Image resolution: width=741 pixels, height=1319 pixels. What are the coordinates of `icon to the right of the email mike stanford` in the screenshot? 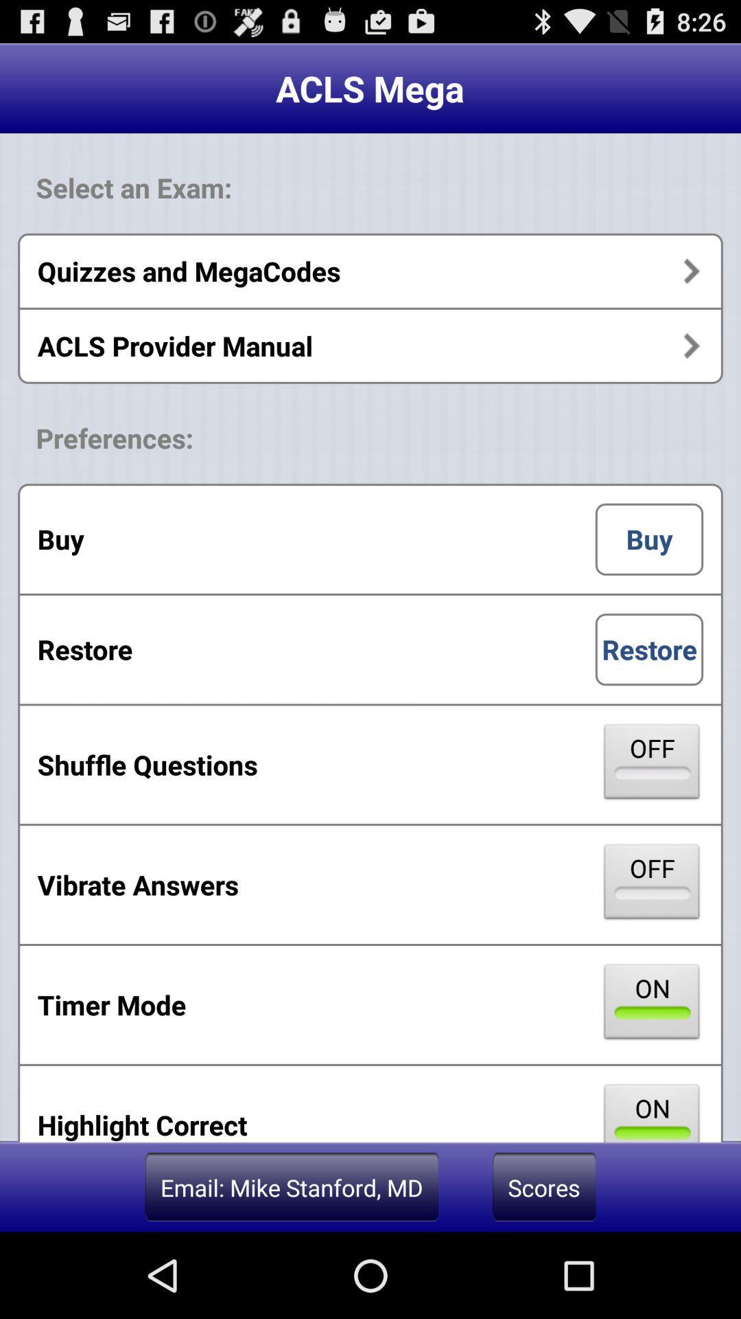 It's located at (543, 1186).